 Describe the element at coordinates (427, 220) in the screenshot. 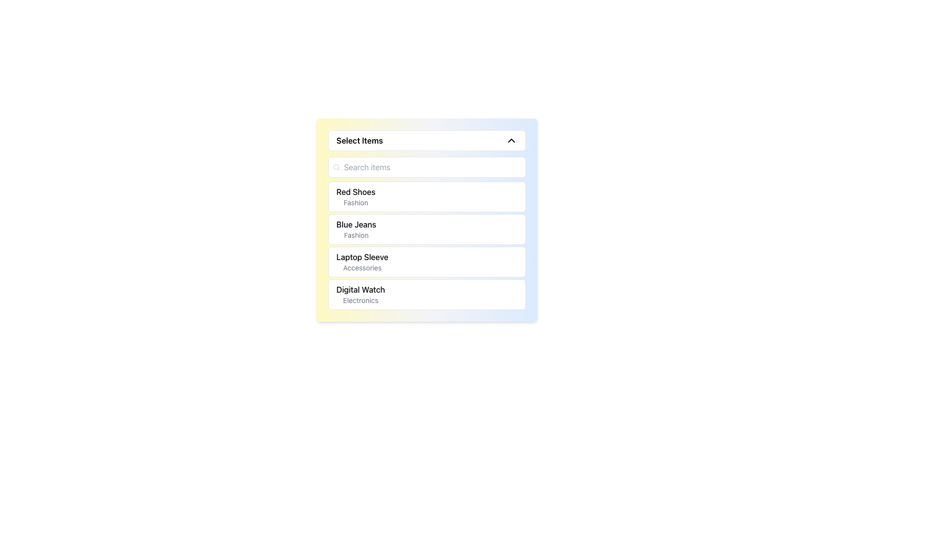

I see `the second selectable list item labeled 'Blue Jeans' with a subtitle 'Fashion' in the dropdown menu` at that location.